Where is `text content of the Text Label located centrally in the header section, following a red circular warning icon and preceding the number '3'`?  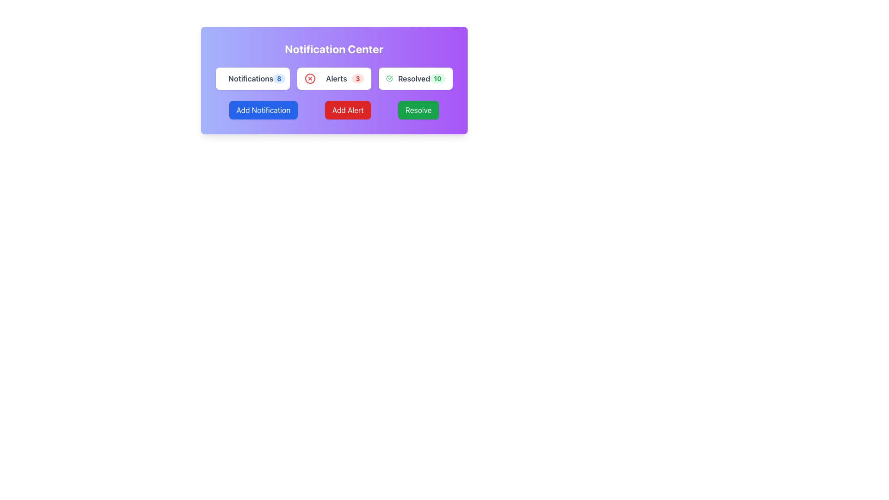 text content of the Text Label located centrally in the header section, following a red circular warning icon and preceding the number '3' is located at coordinates (336, 78).